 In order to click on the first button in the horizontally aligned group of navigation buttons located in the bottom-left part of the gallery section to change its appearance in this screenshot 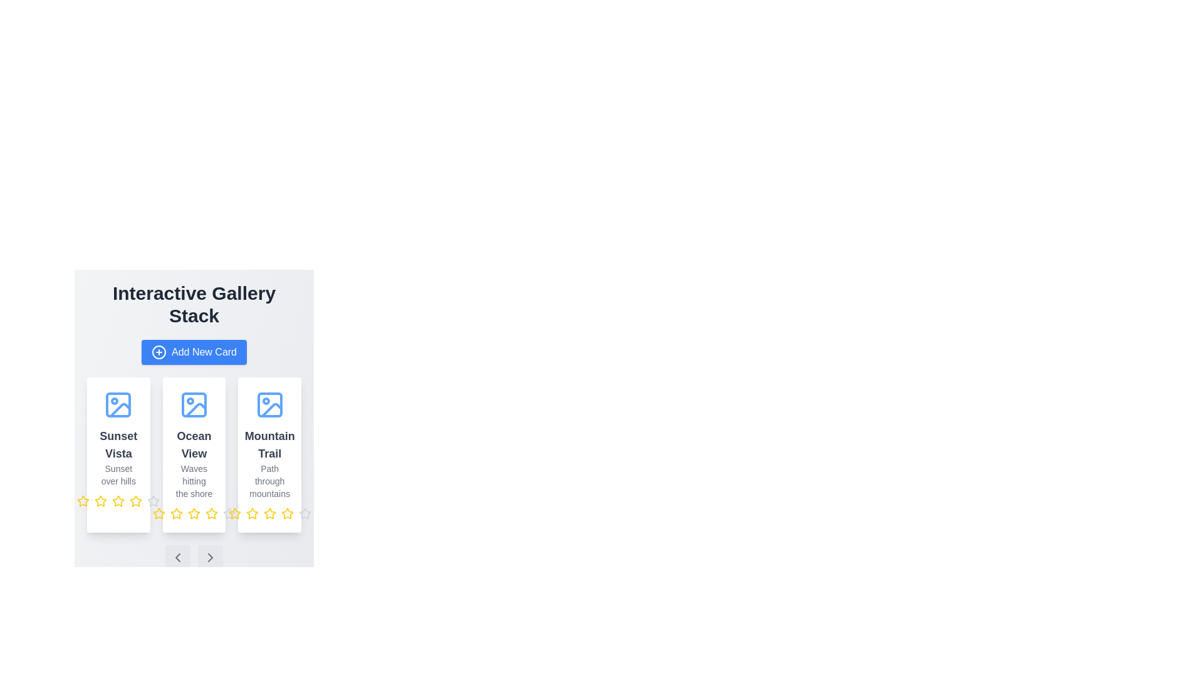, I will do `click(177, 557)`.